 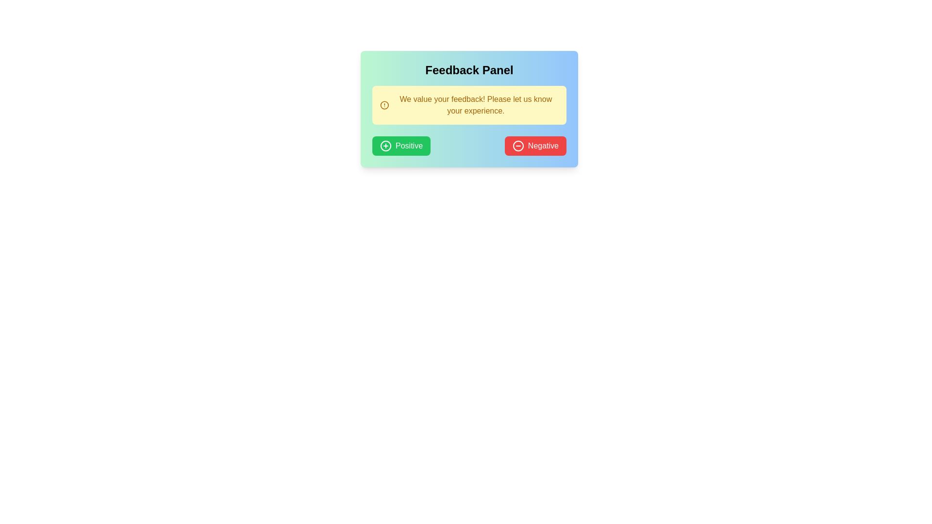 What do you see at coordinates (517, 146) in the screenshot?
I see `the 'Negative' feedback button represented by the SVG circle component` at bounding box center [517, 146].